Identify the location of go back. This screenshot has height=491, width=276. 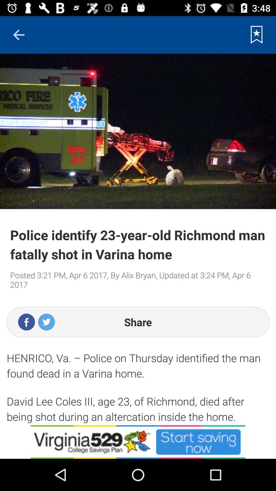
(18, 35).